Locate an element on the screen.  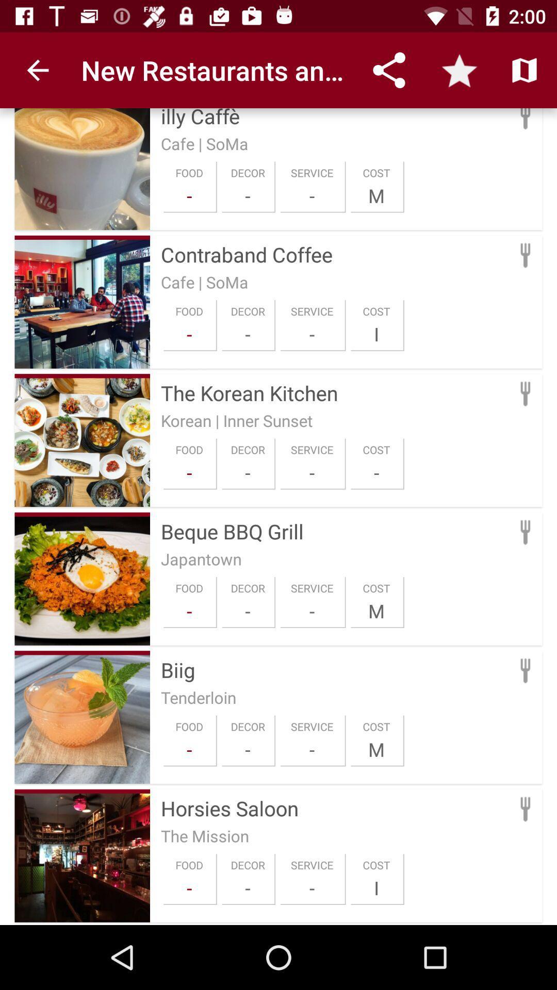
icon to the left of the decor icon is located at coordinates (189, 472).